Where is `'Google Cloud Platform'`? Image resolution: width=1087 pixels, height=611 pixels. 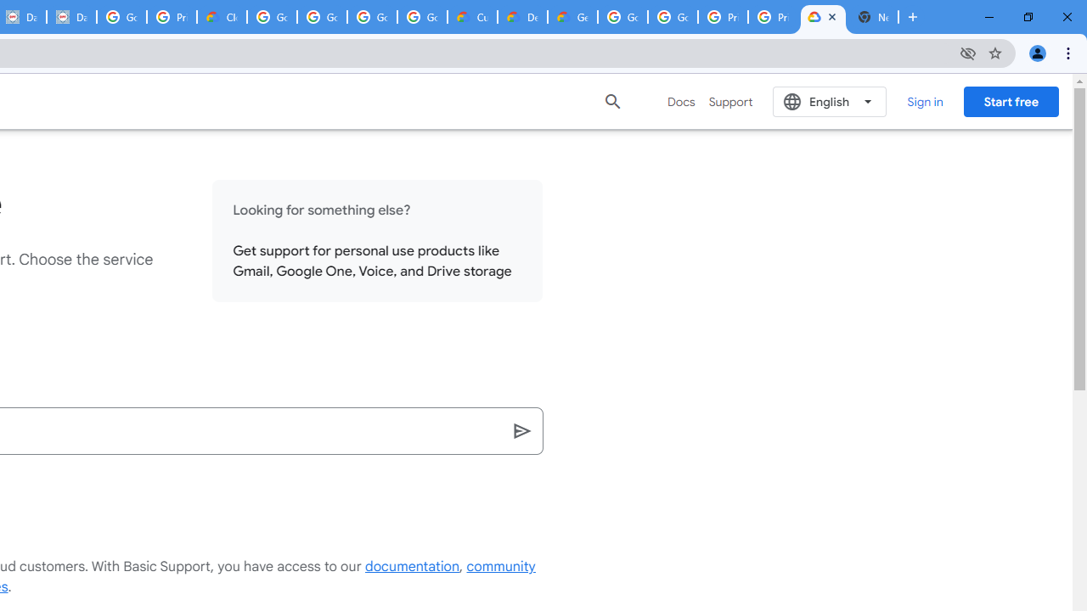 'Google Cloud Platform' is located at coordinates (672, 17).